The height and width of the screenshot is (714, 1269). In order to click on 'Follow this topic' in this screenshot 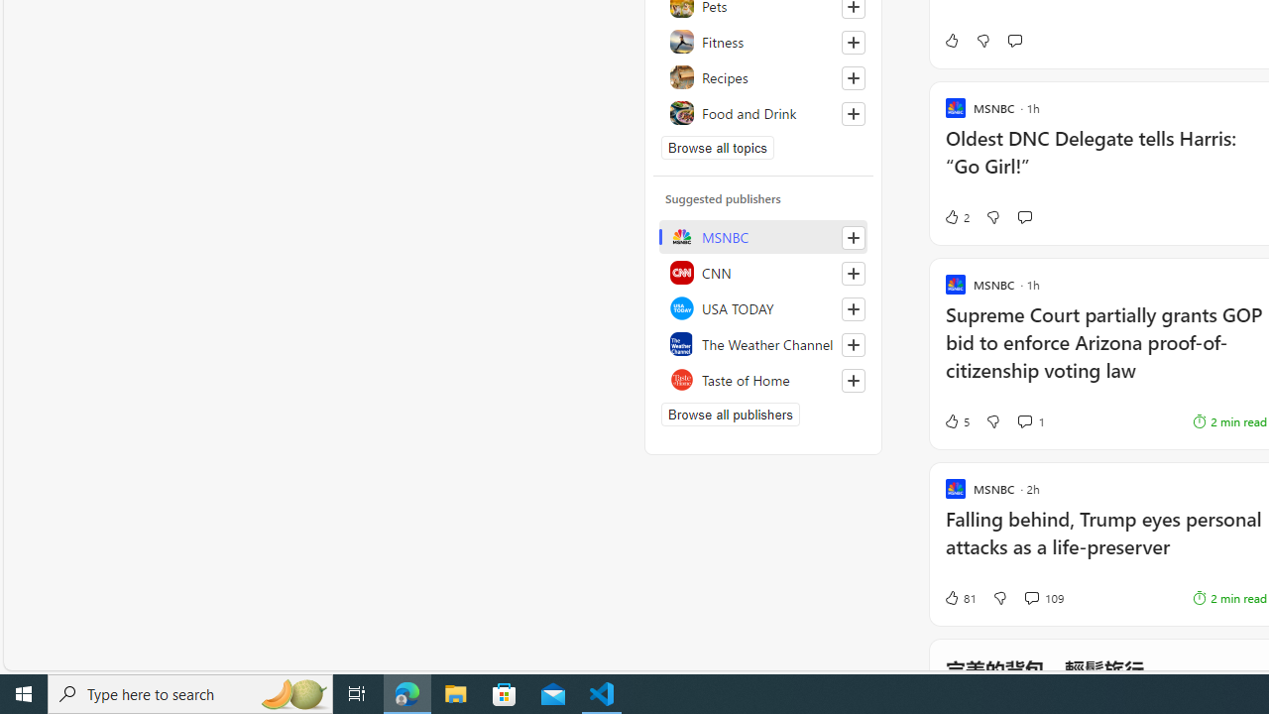, I will do `click(853, 113)`.